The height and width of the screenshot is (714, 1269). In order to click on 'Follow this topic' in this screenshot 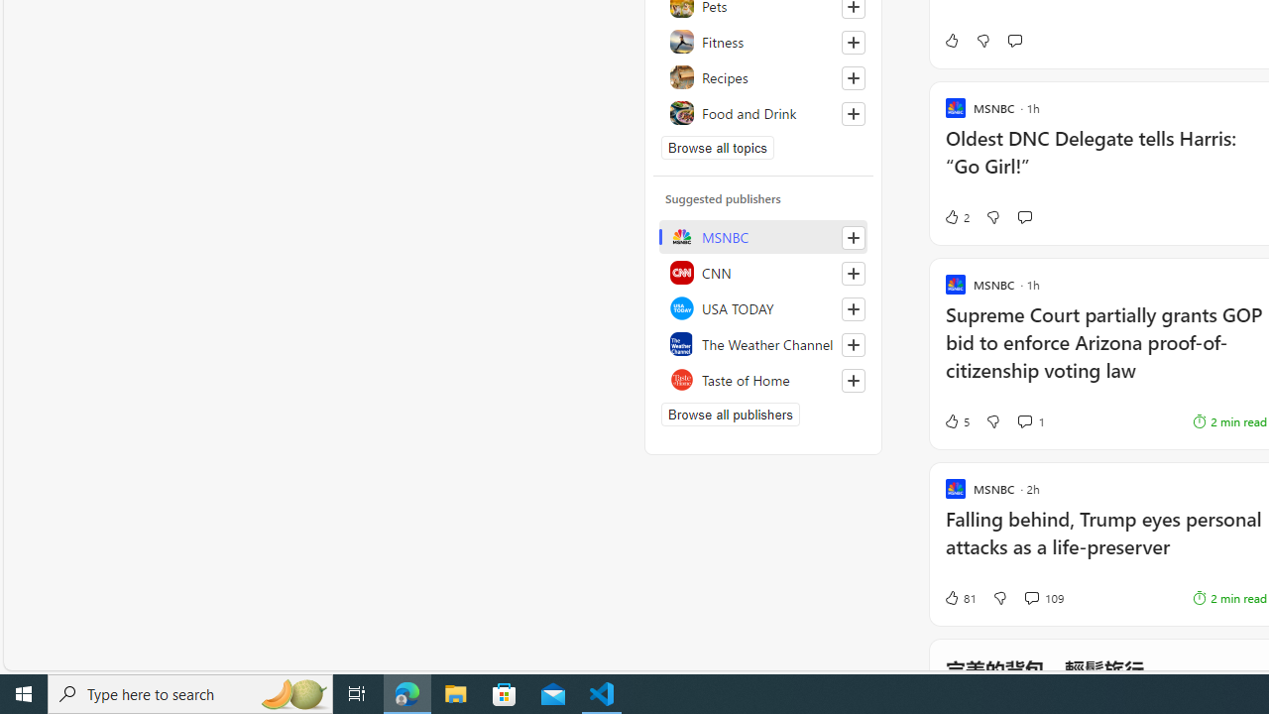, I will do `click(853, 113)`.